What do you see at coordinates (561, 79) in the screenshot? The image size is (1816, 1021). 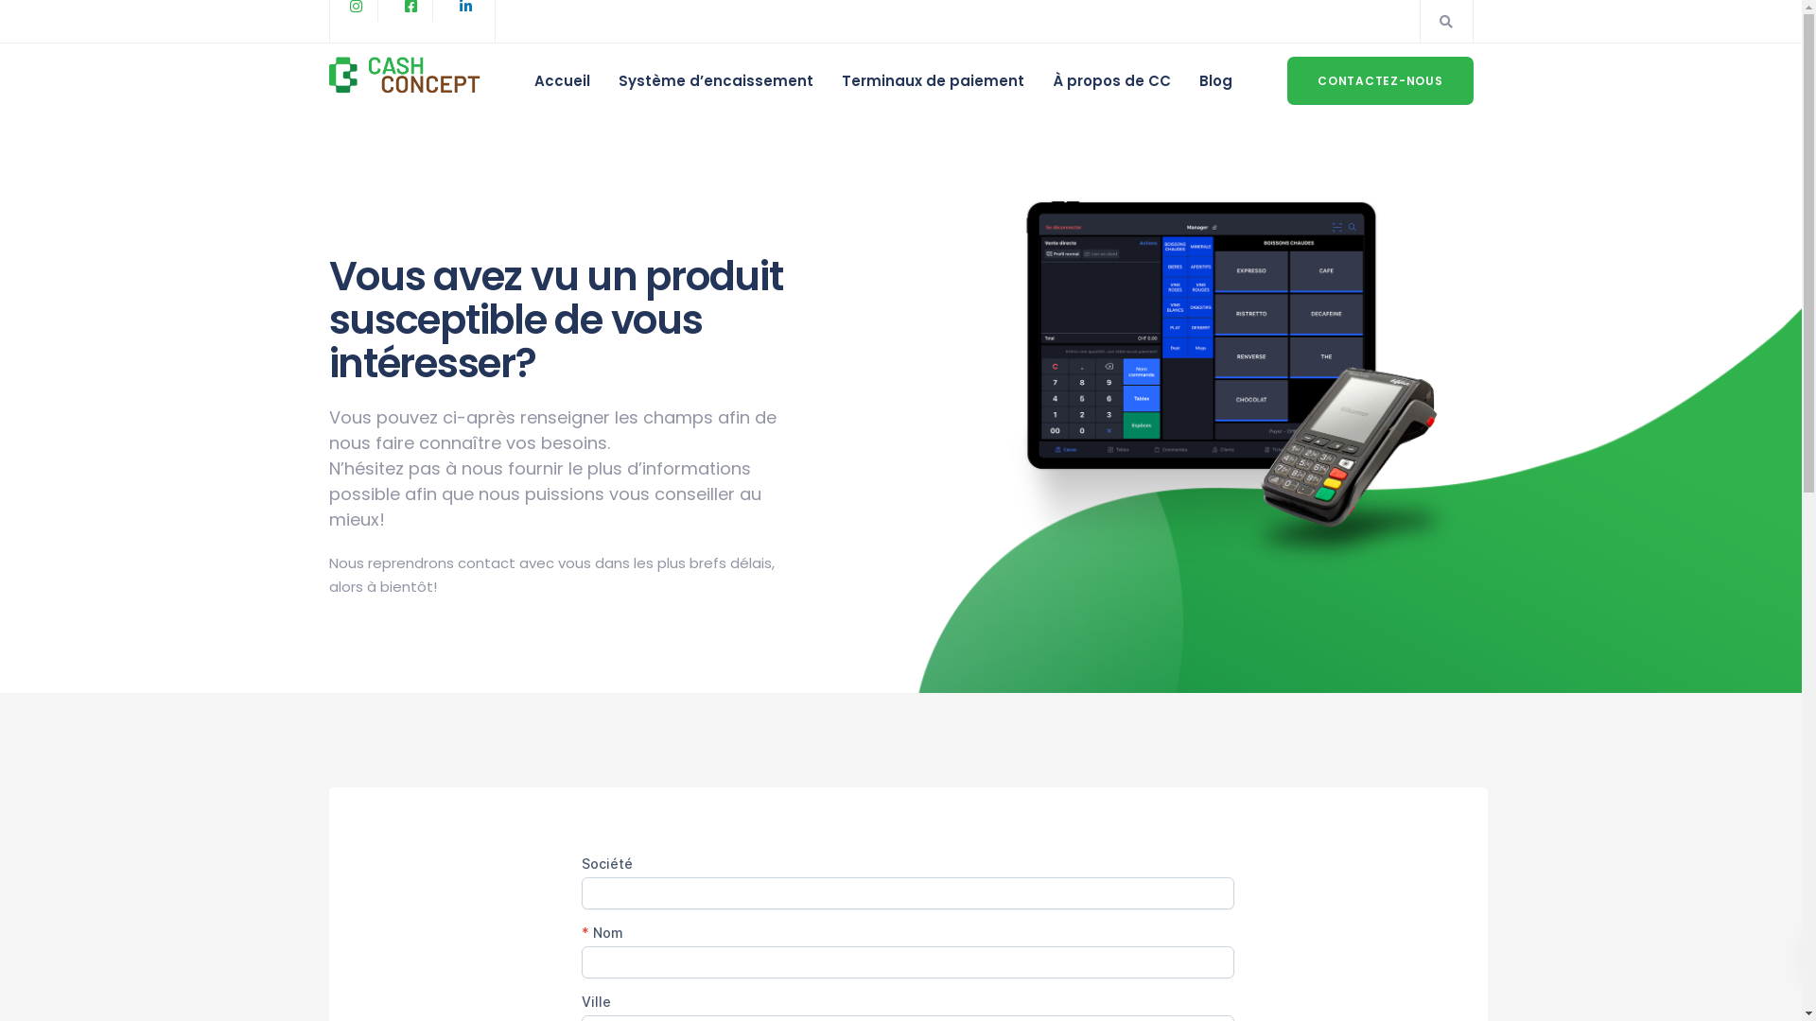 I see `'Accueil'` at bounding box center [561, 79].